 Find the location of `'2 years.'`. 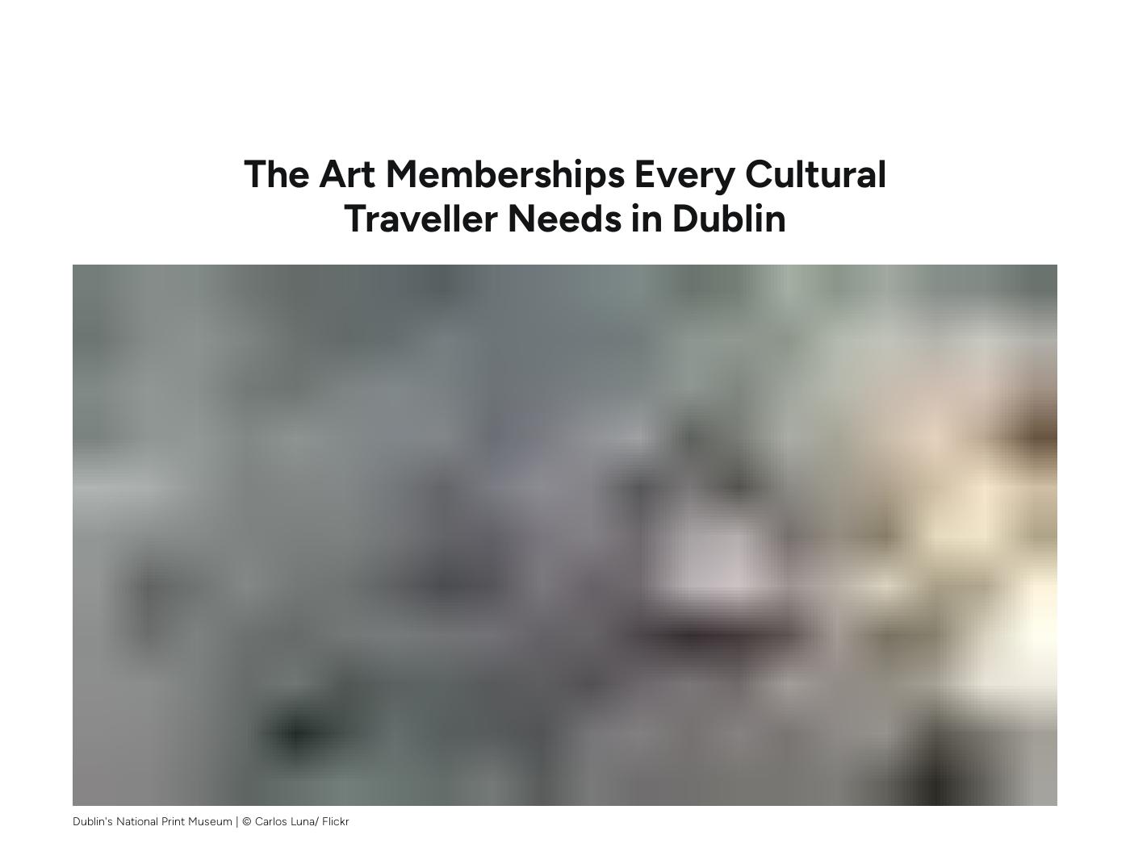

'2 years.' is located at coordinates (864, 158).